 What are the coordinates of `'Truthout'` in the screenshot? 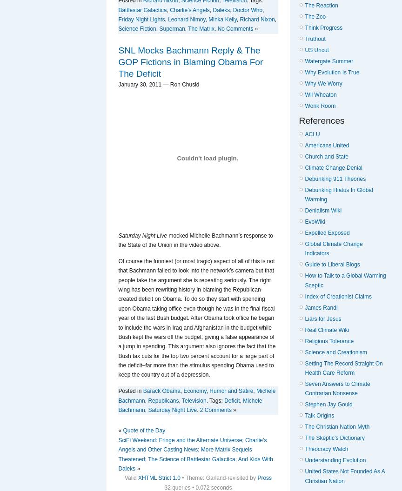 It's located at (315, 38).